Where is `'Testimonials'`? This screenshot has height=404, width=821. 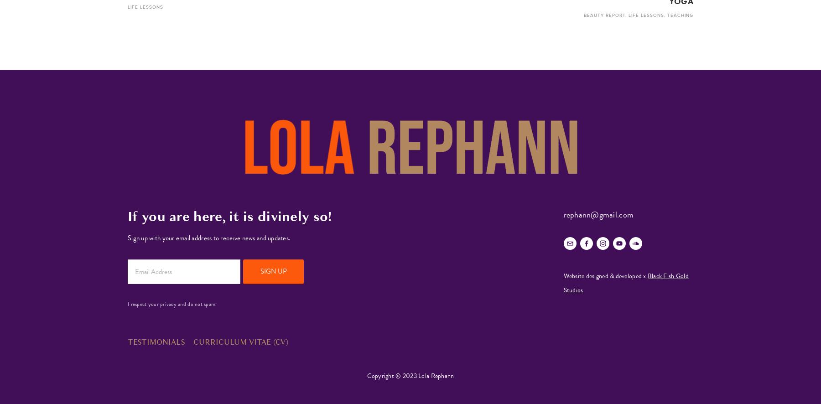 'Testimonials' is located at coordinates (156, 342).